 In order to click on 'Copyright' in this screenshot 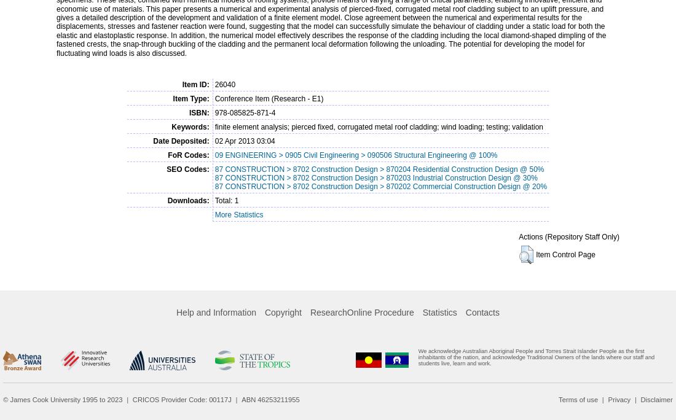, I will do `click(282, 313)`.